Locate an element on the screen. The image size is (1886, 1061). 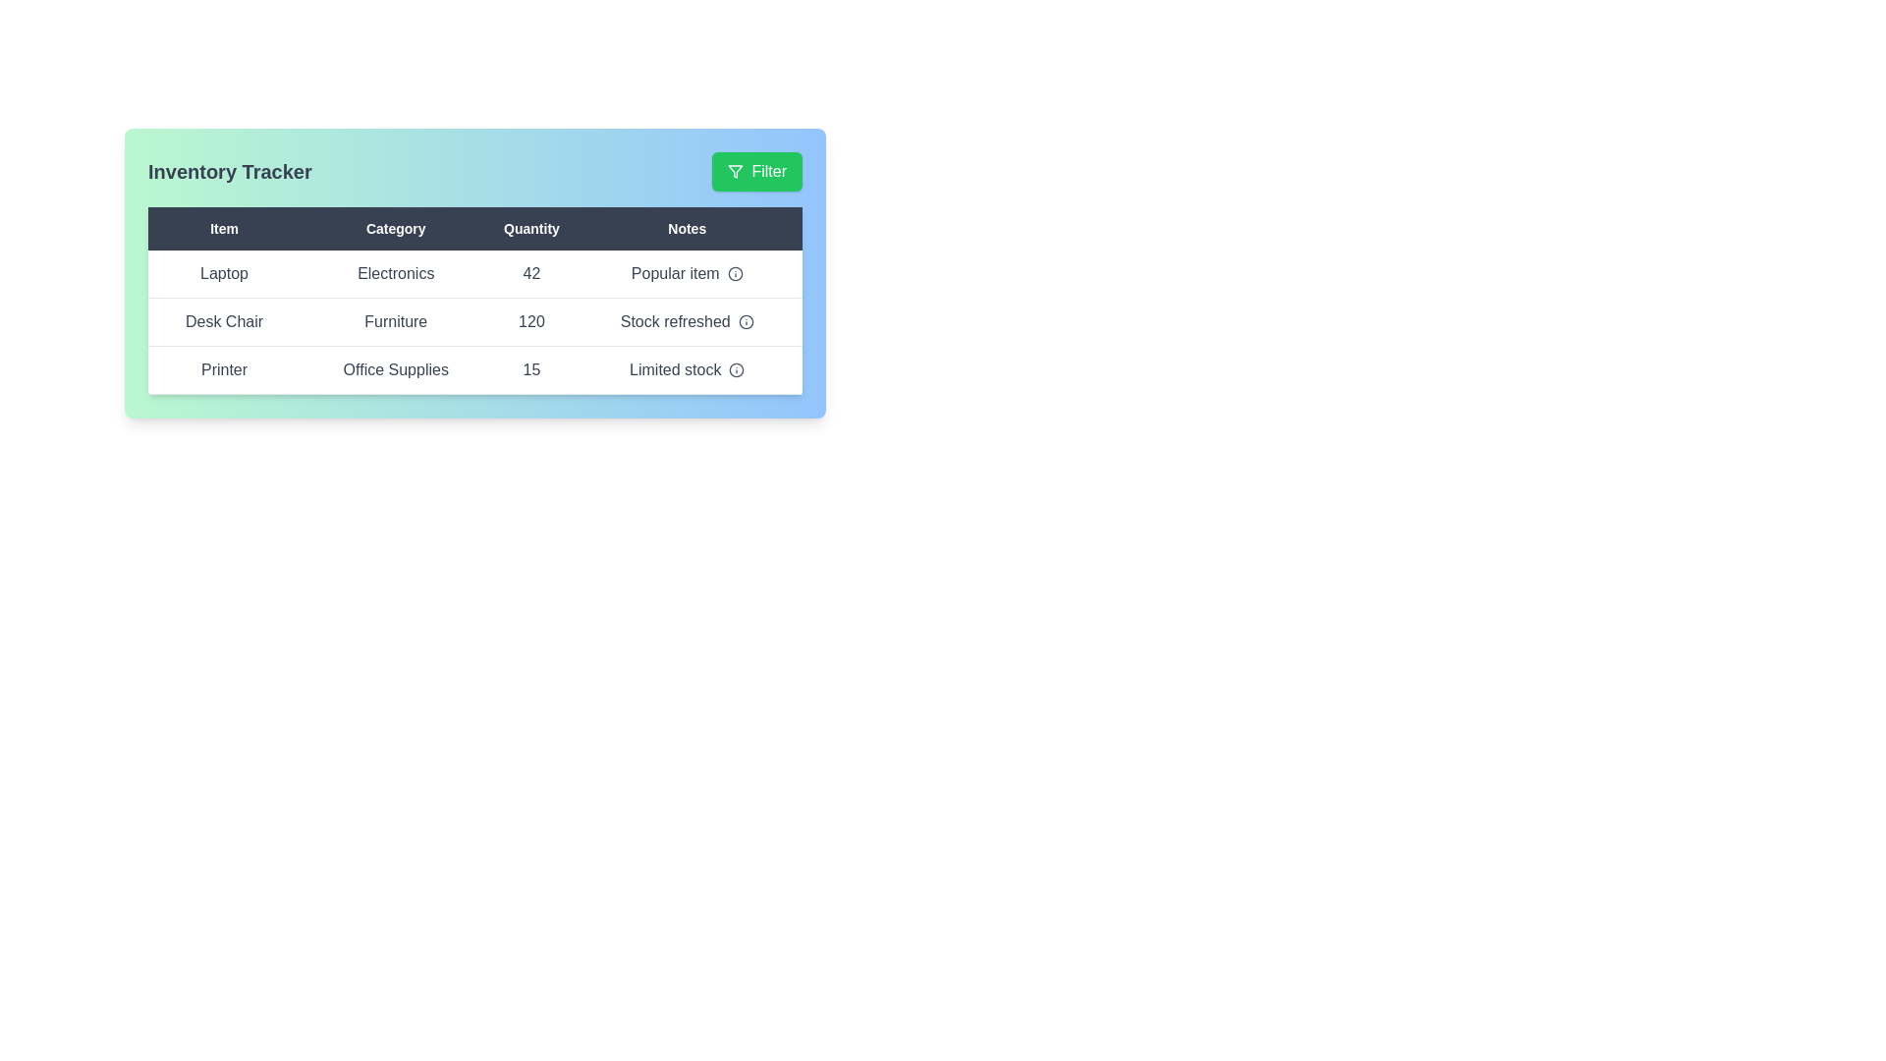
the cell containing 15 to select its text is located at coordinates (531, 370).